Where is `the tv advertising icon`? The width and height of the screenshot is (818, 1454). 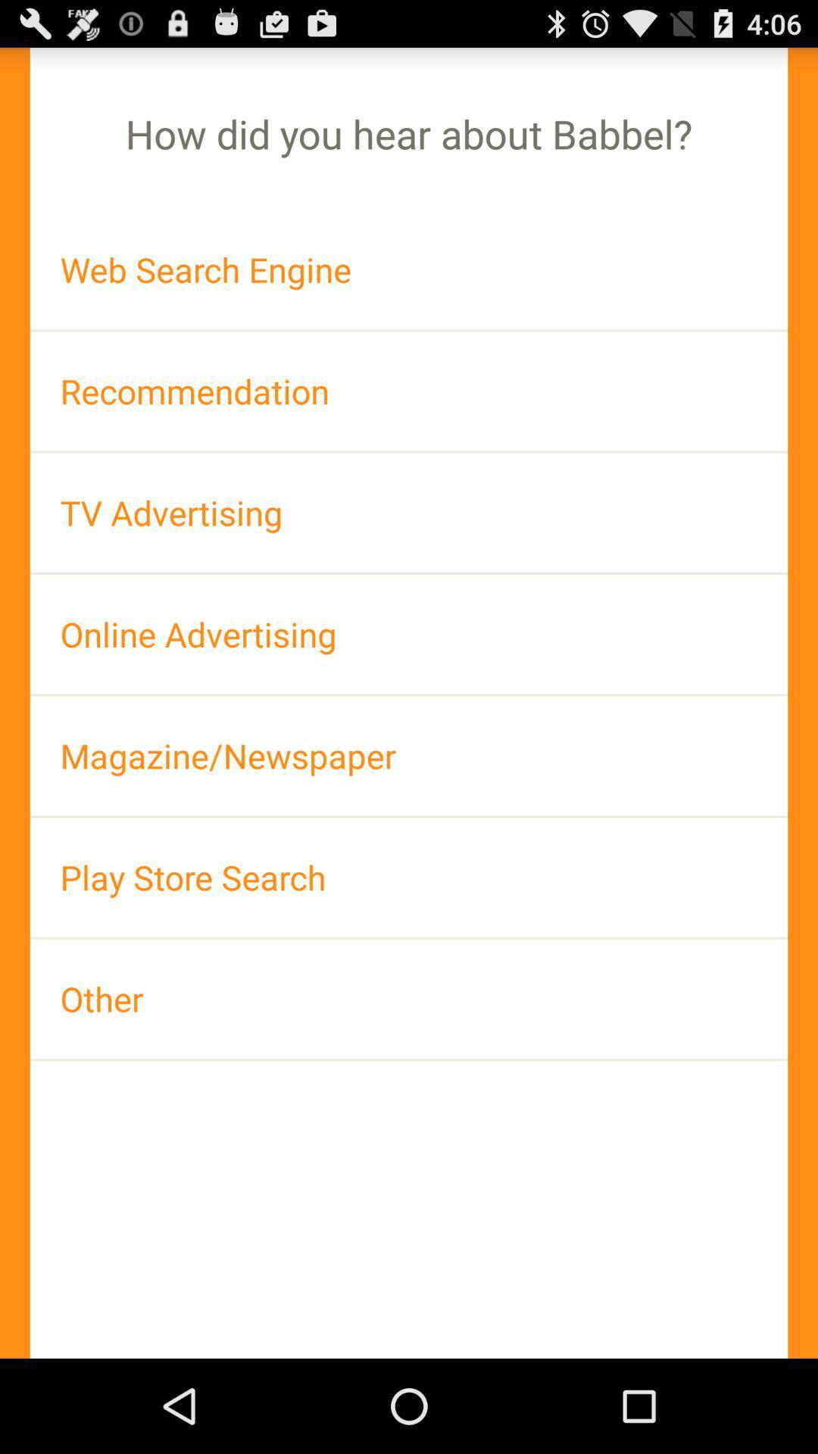
the tv advertising icon is located at coordinates (409, 513).